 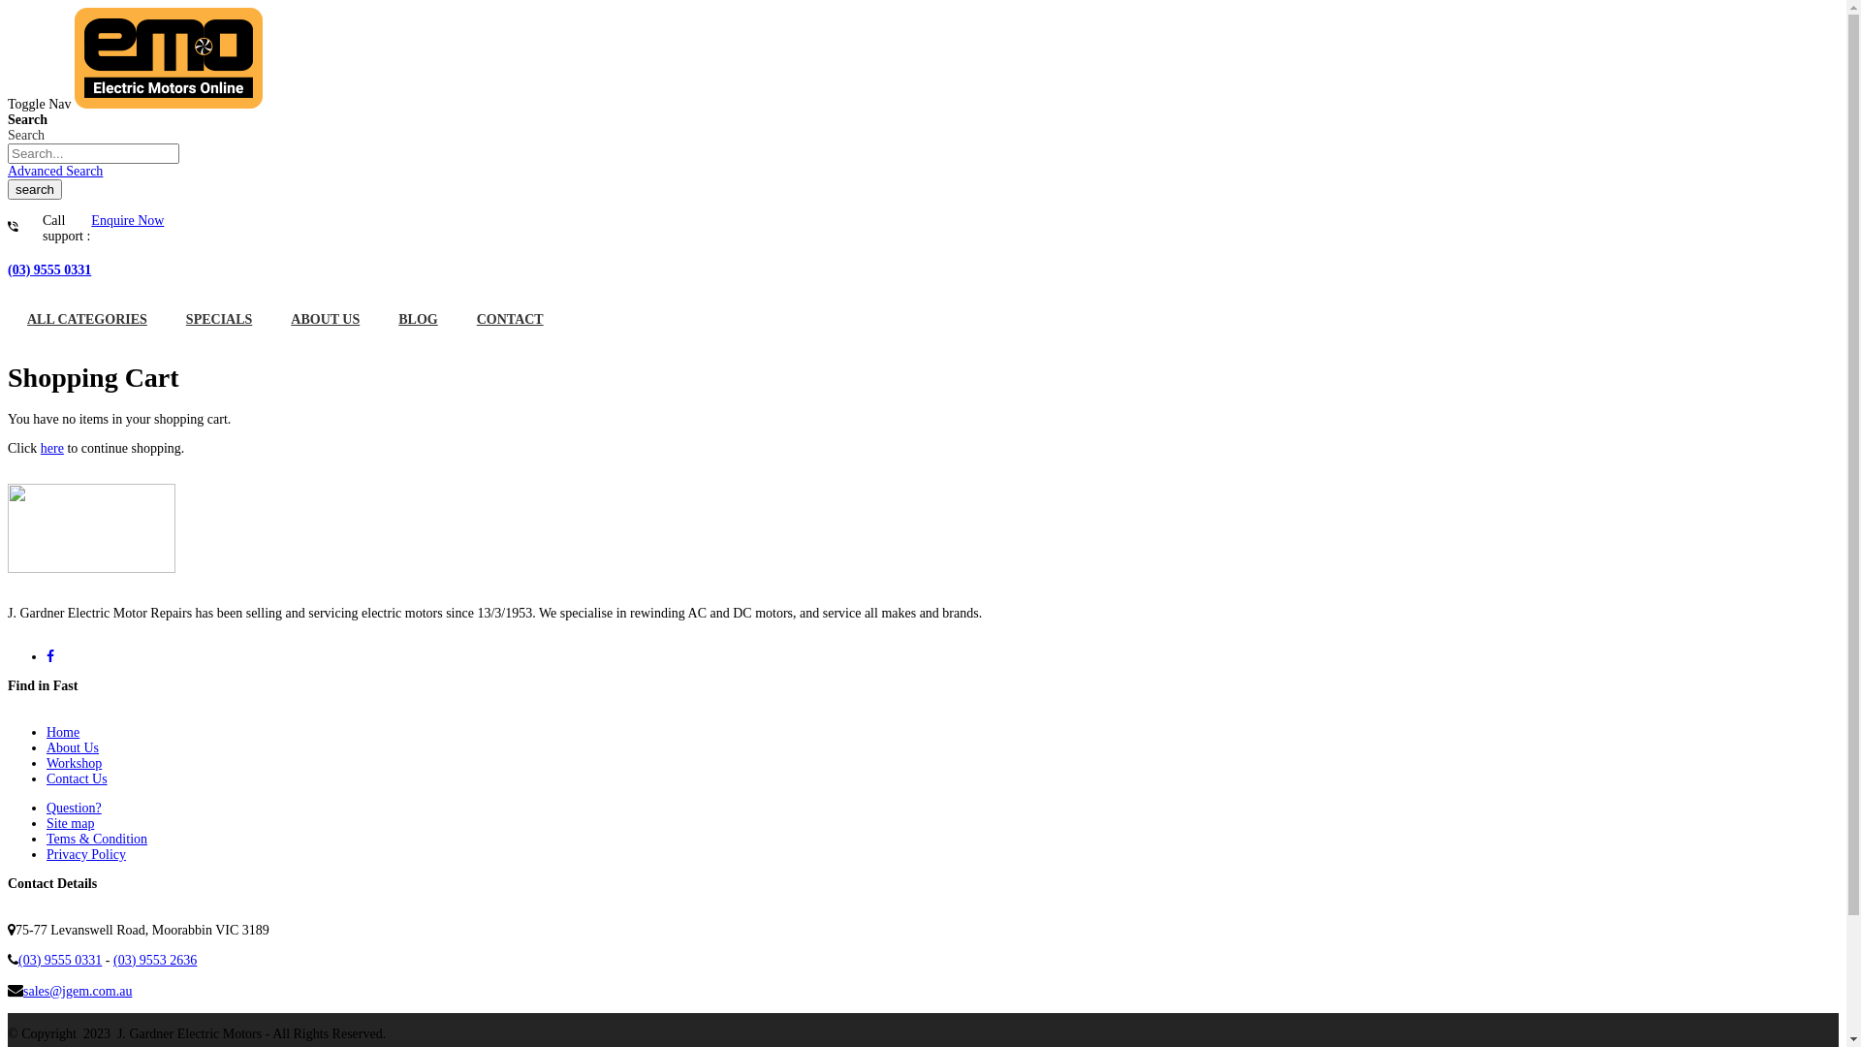 What do you see at coordinates (218, 319) in the screenshot?
I see `'SPECIALS'` at bounding box center [218, 319].